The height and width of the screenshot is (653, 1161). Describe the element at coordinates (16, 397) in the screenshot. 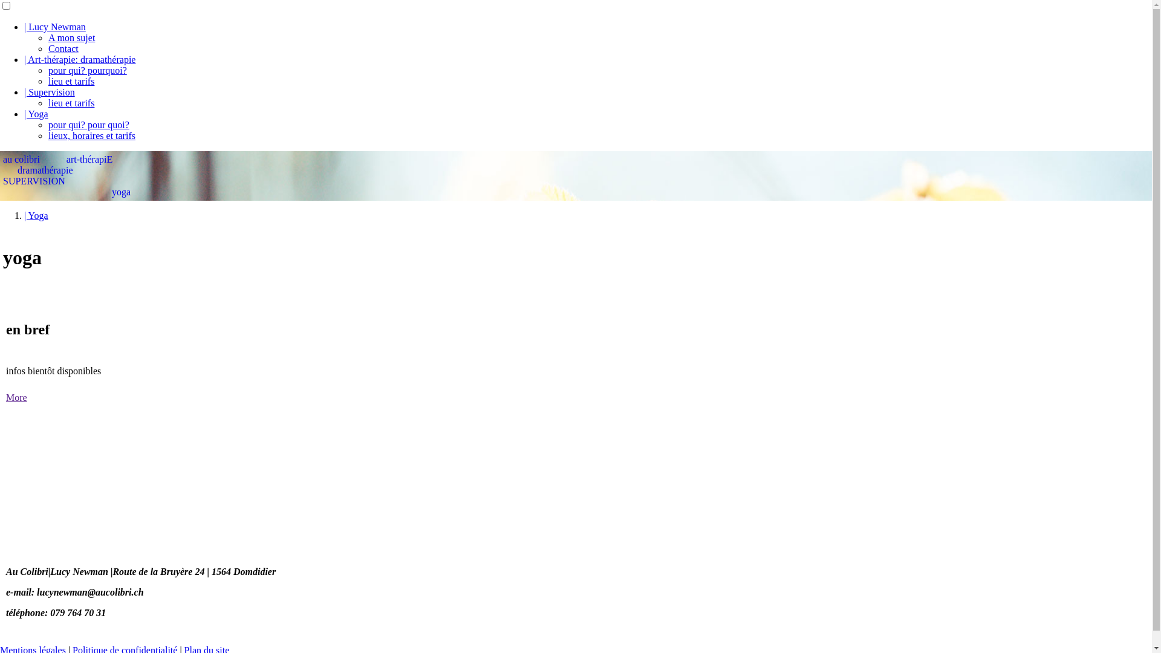

I see `'More'` at that location.